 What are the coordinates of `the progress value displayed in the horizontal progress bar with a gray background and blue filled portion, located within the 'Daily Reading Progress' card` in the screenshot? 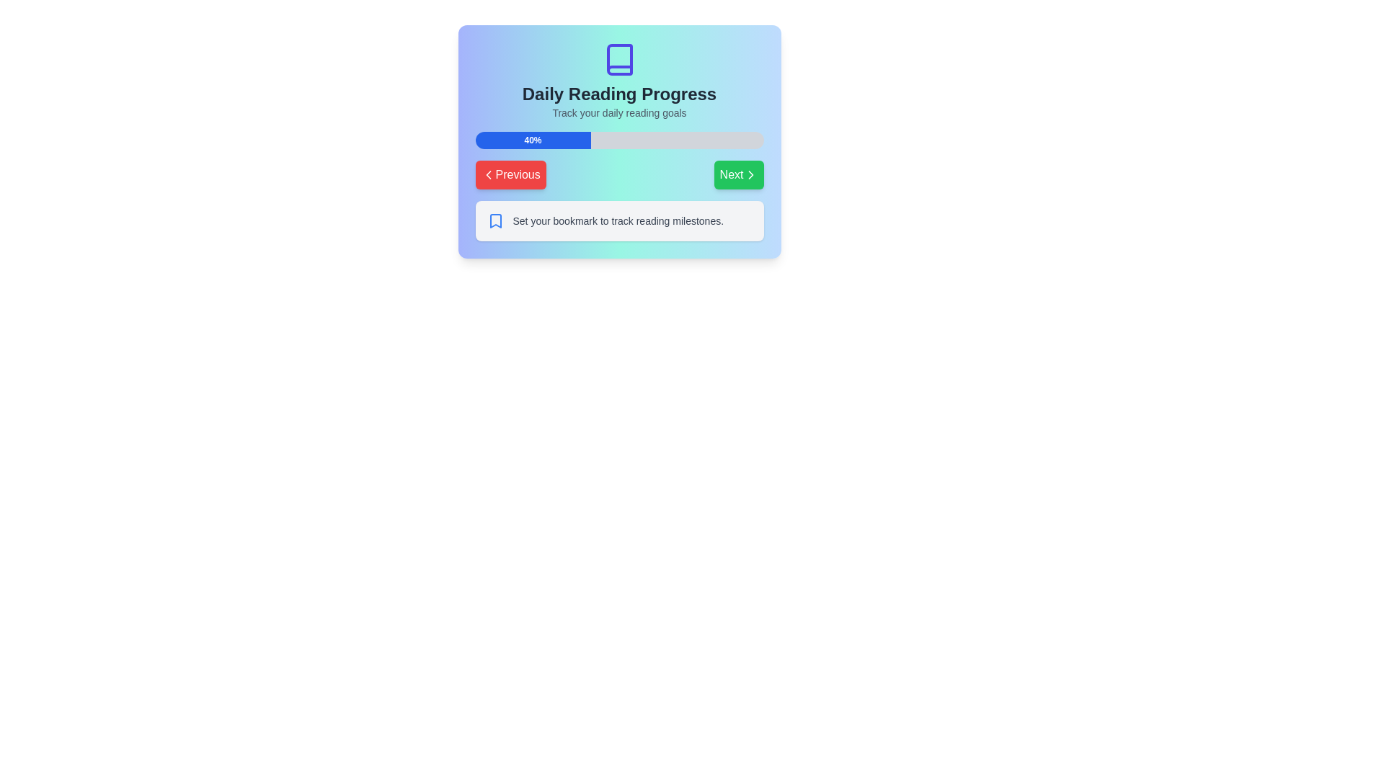 It's located at (619, 140).